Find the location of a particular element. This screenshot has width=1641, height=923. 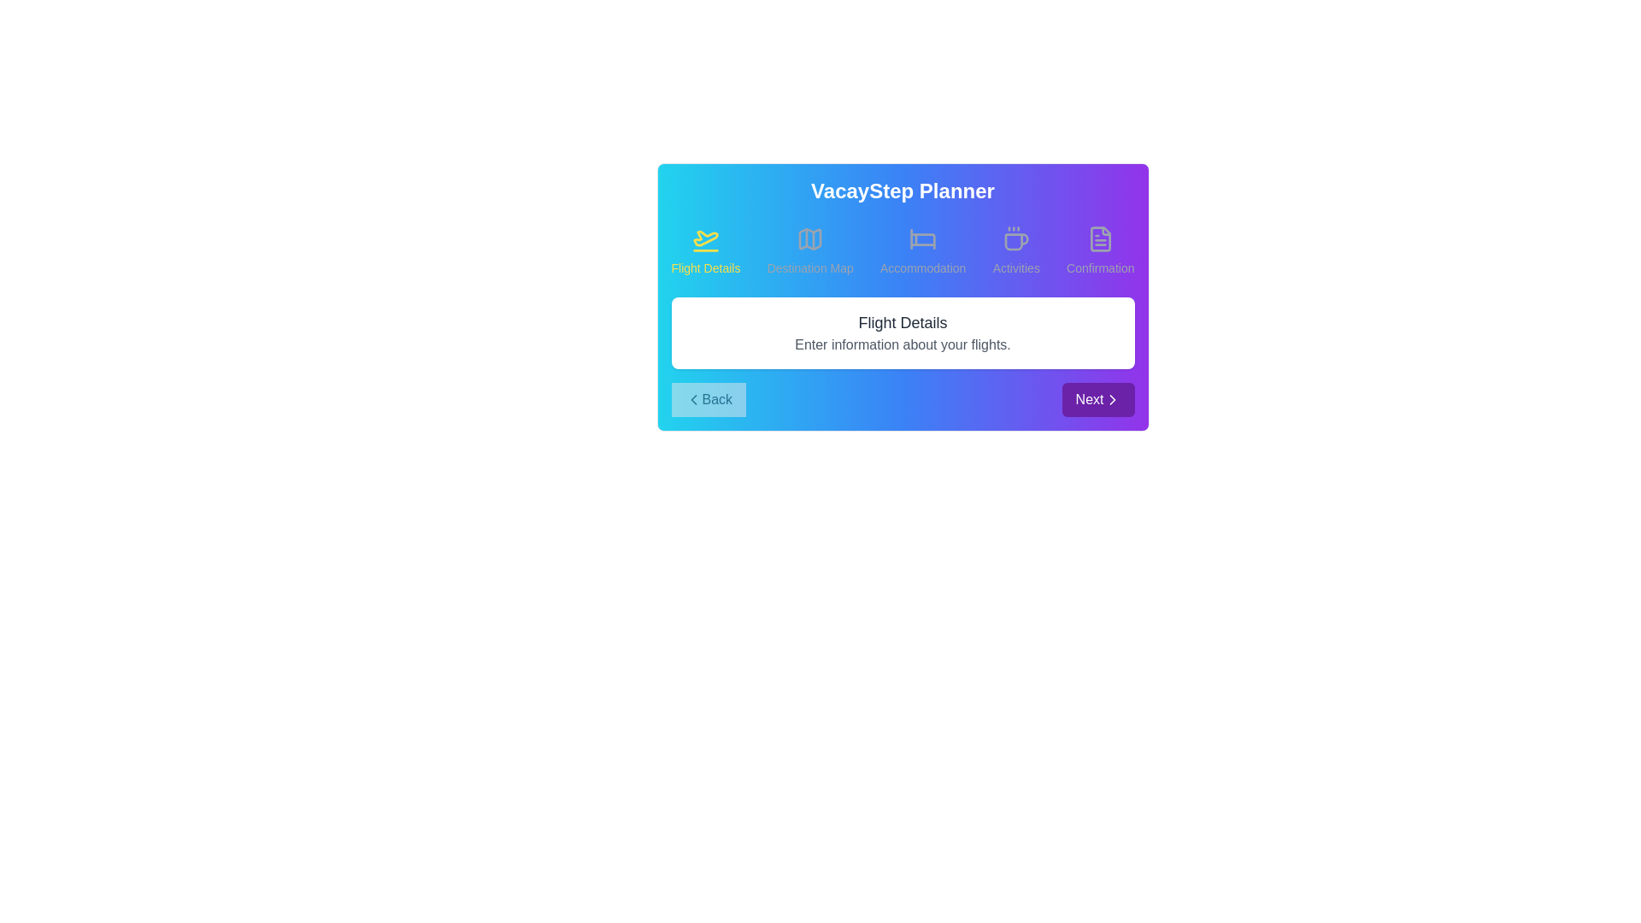

the step Destination Map by clicking its title or icon is located at coordinates (809, 250).